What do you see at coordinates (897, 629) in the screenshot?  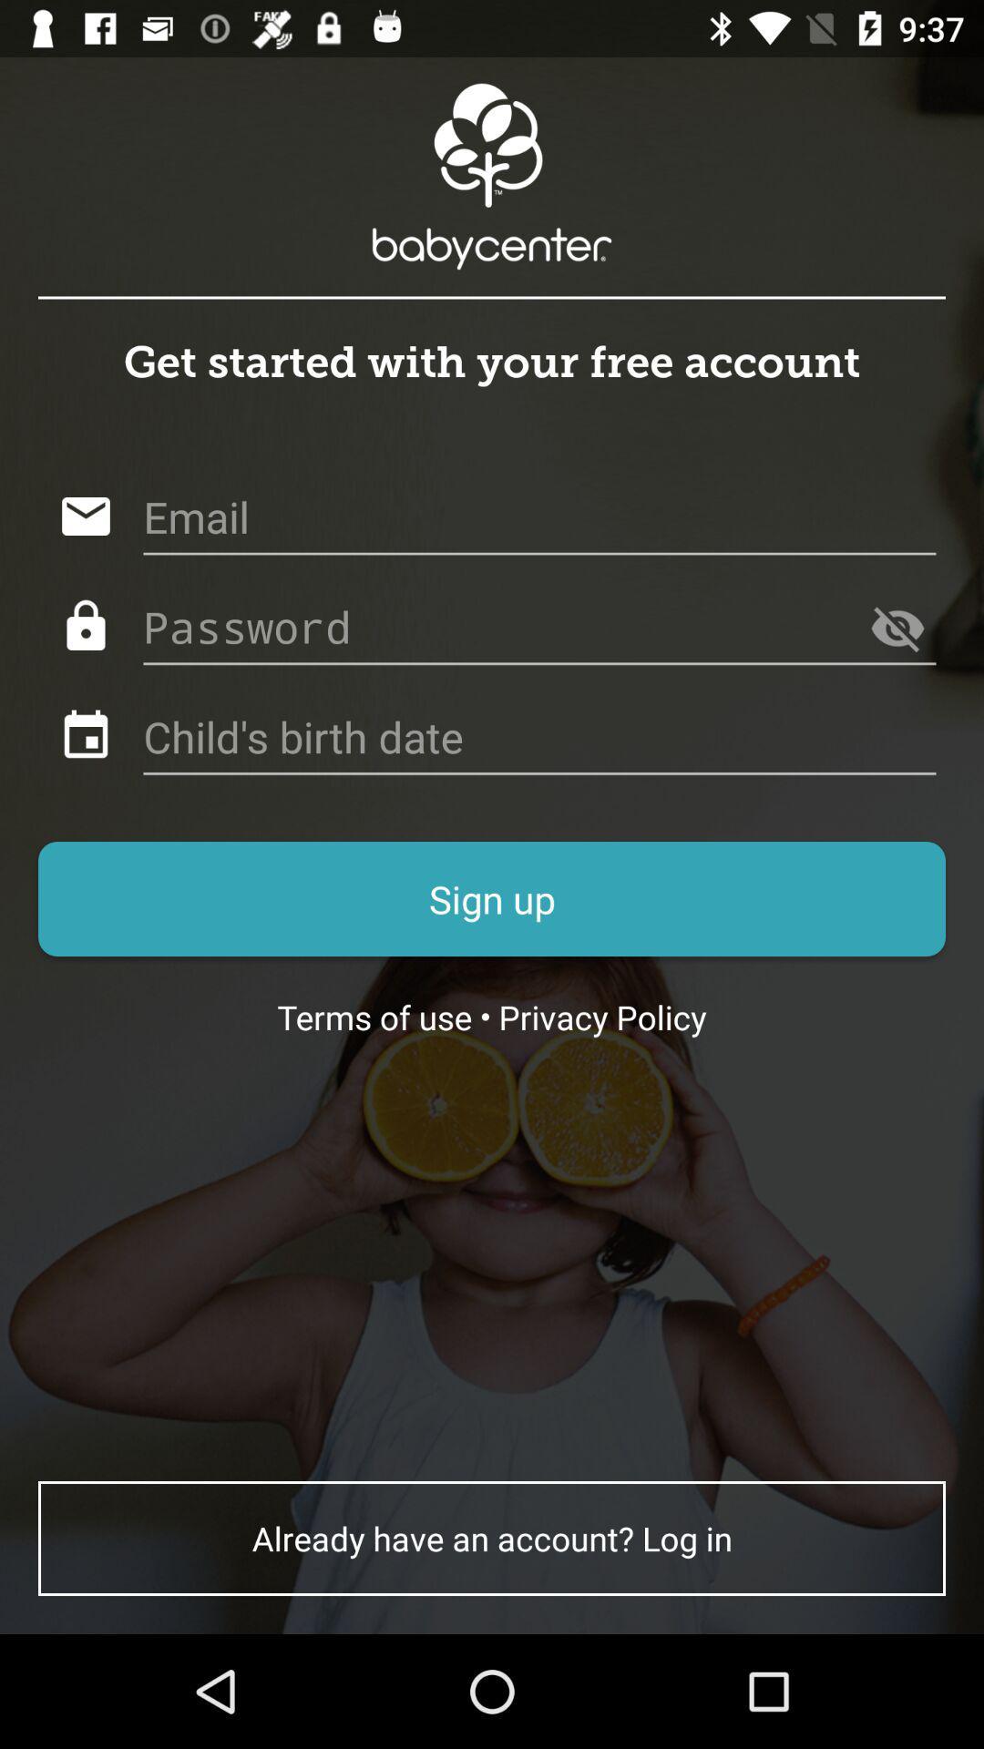 I see `the visibility icon` at bounding box center [897, 629].